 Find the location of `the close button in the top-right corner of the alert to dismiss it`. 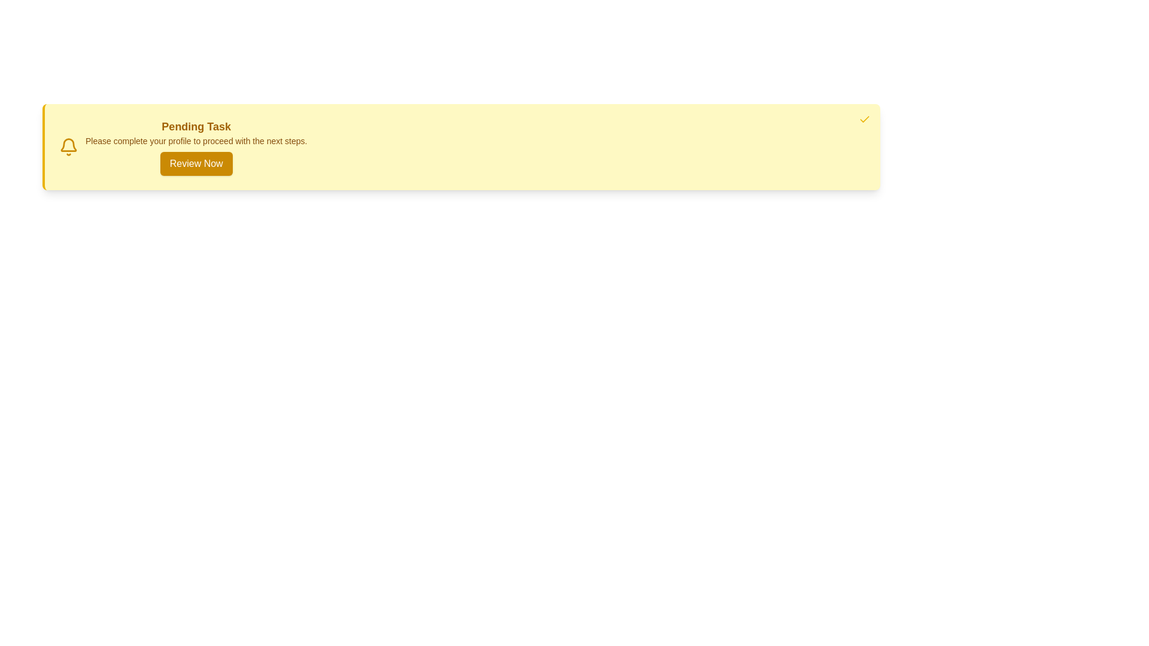

the close button in the top-right corner of the alert to dismiss it is located at coordinates (864, 120).